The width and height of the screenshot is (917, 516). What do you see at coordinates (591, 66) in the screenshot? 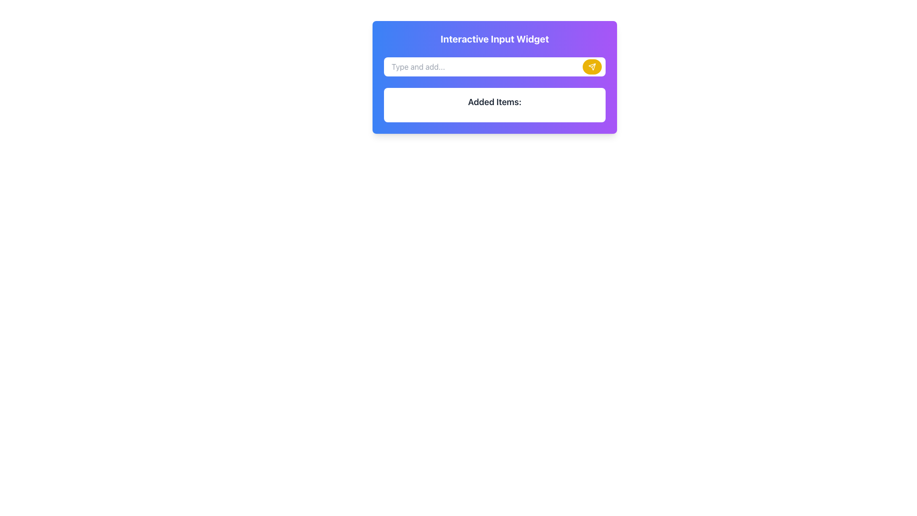
I see `the yellow circular button with a paper plane icon located on the right end of the input field within the 'Interactive Input Widget'` at bounding box center [591, 66].